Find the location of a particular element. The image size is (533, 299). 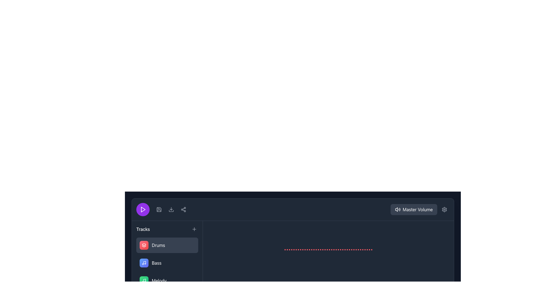

the musical note icon located in the left sidebar under the 'Tracks' section, positioned immediately after the 'Bass' entry is located at coordinates (144, 281).